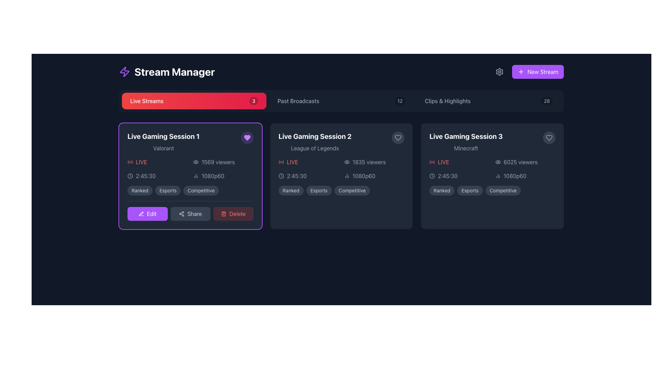 The image size is (667, 375). Describe the element at coordinates (125, 72) in the screenshot. I see `the lightning bolt-shaped purple icon located next to the text 'Stream Manager' in the header section` at that location.